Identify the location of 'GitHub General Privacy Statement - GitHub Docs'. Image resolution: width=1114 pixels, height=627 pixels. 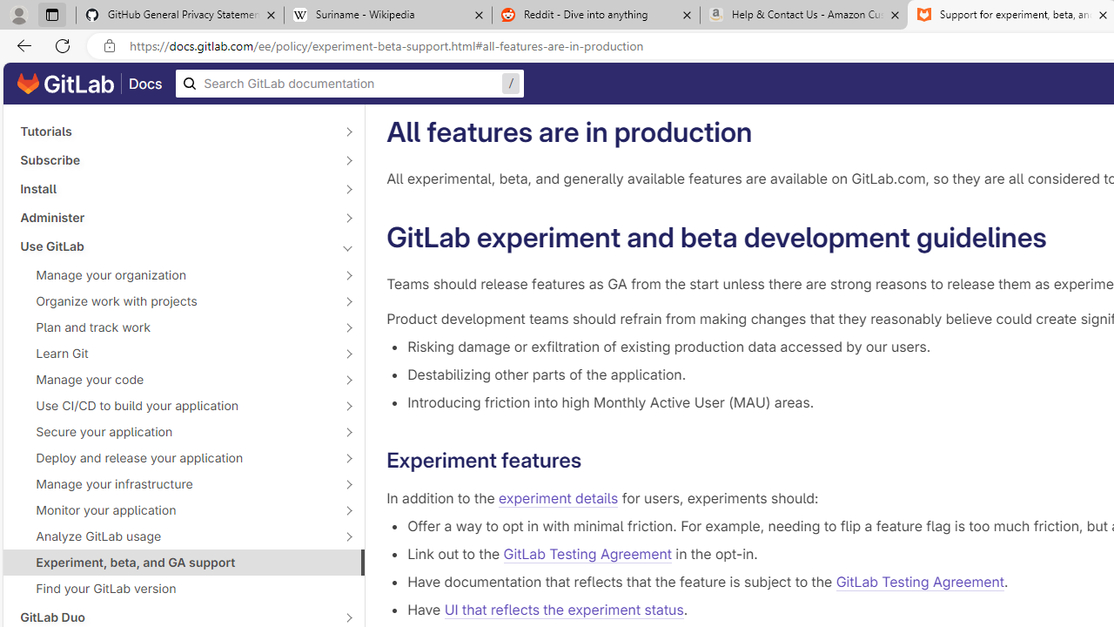
(180, 15).